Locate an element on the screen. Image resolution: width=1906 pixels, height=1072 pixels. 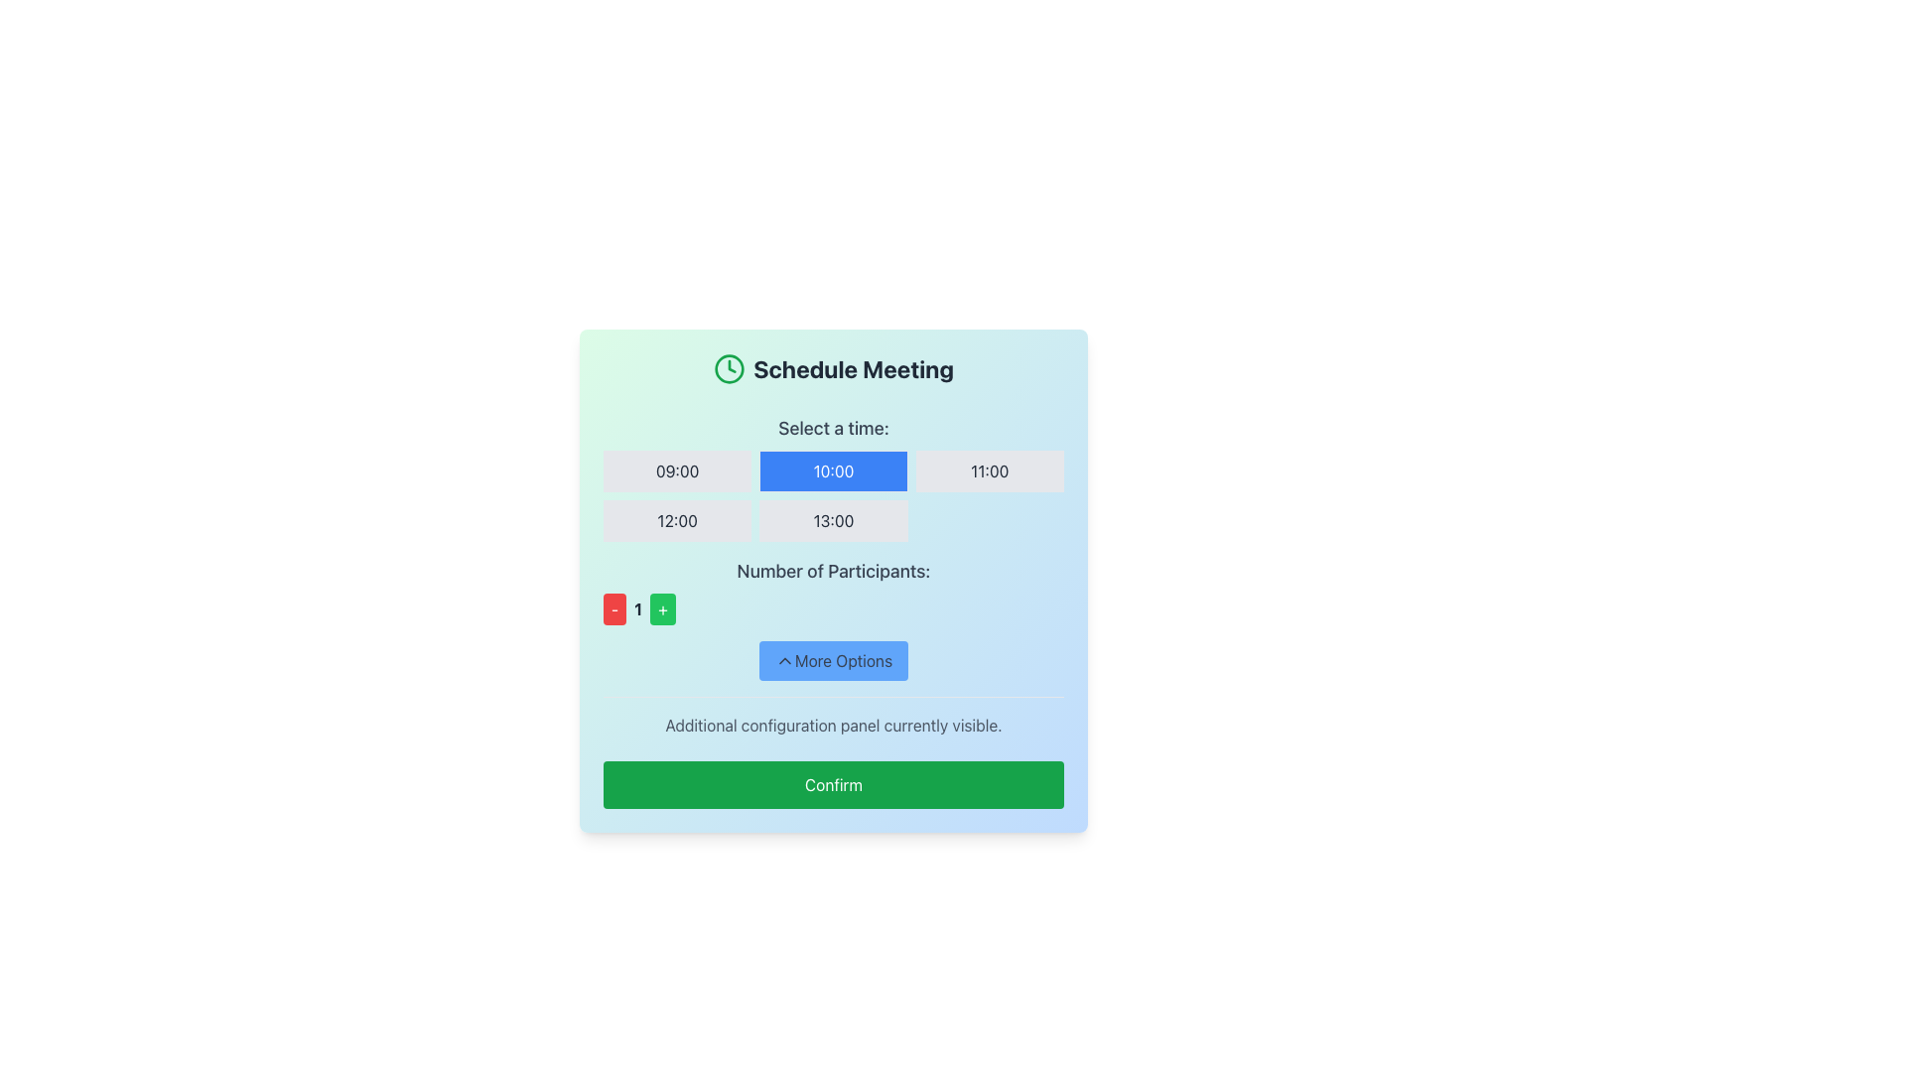
the upward-pointing chevron icon located to the left of the 'More Options' text within the button that has a blue background and rounded edges is located at coordinates (783, 661).